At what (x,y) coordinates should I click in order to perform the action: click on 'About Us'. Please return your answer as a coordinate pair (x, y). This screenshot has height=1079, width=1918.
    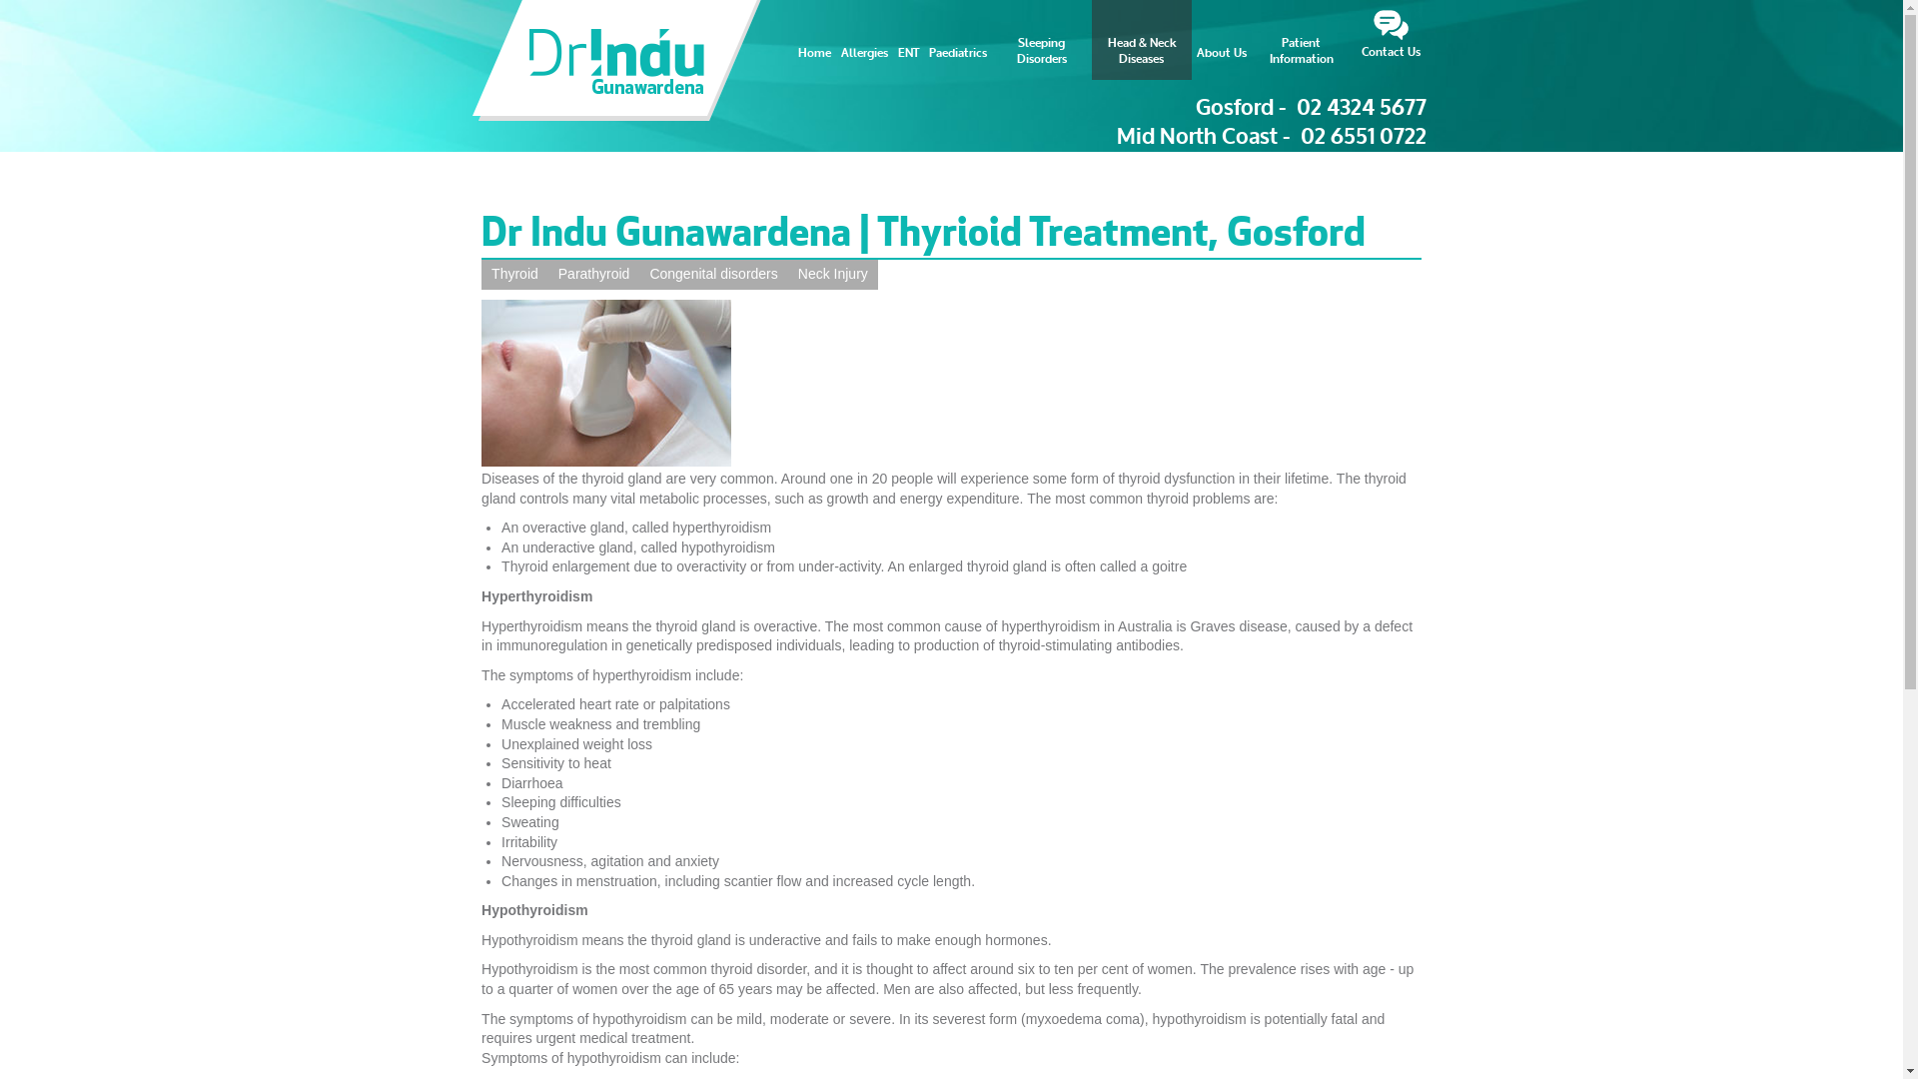
    Looking at the image, I should click on (1190, 39).